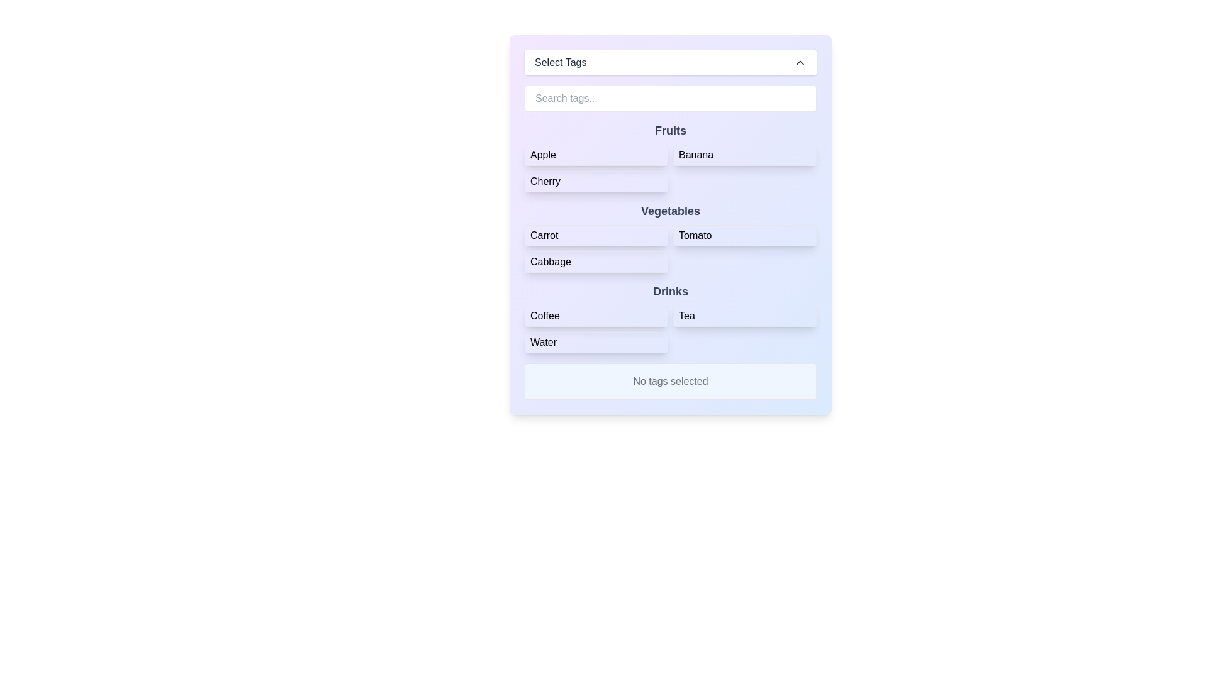 This screenshot has height=679, width=1208. What do you see at coordinates (596, 315) in the screenshot?
I see `the 'Coffee' button located in the 'Drinks' section, which is a rectangular button with rounded corners and highlighted in blue when hovered` at bounding box center [596, 315].